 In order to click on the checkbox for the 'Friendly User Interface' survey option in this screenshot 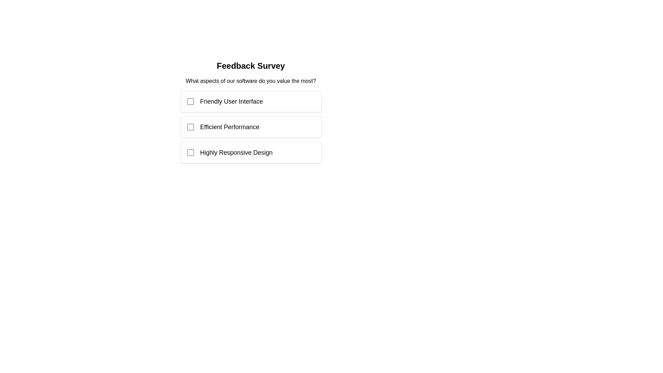, I will do `click(190, 101)`.